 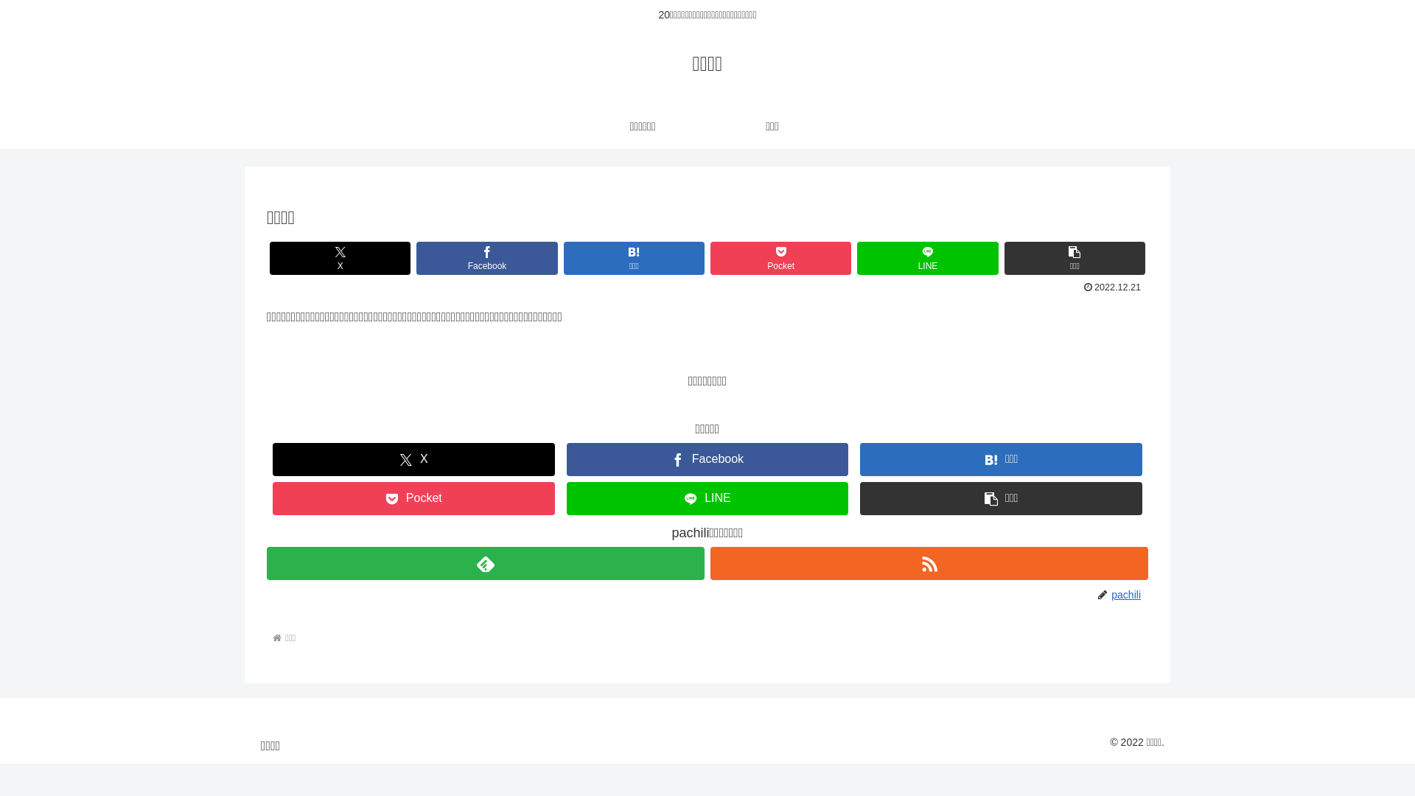 I want to click on 'LINE', so click(x=926, y=257).